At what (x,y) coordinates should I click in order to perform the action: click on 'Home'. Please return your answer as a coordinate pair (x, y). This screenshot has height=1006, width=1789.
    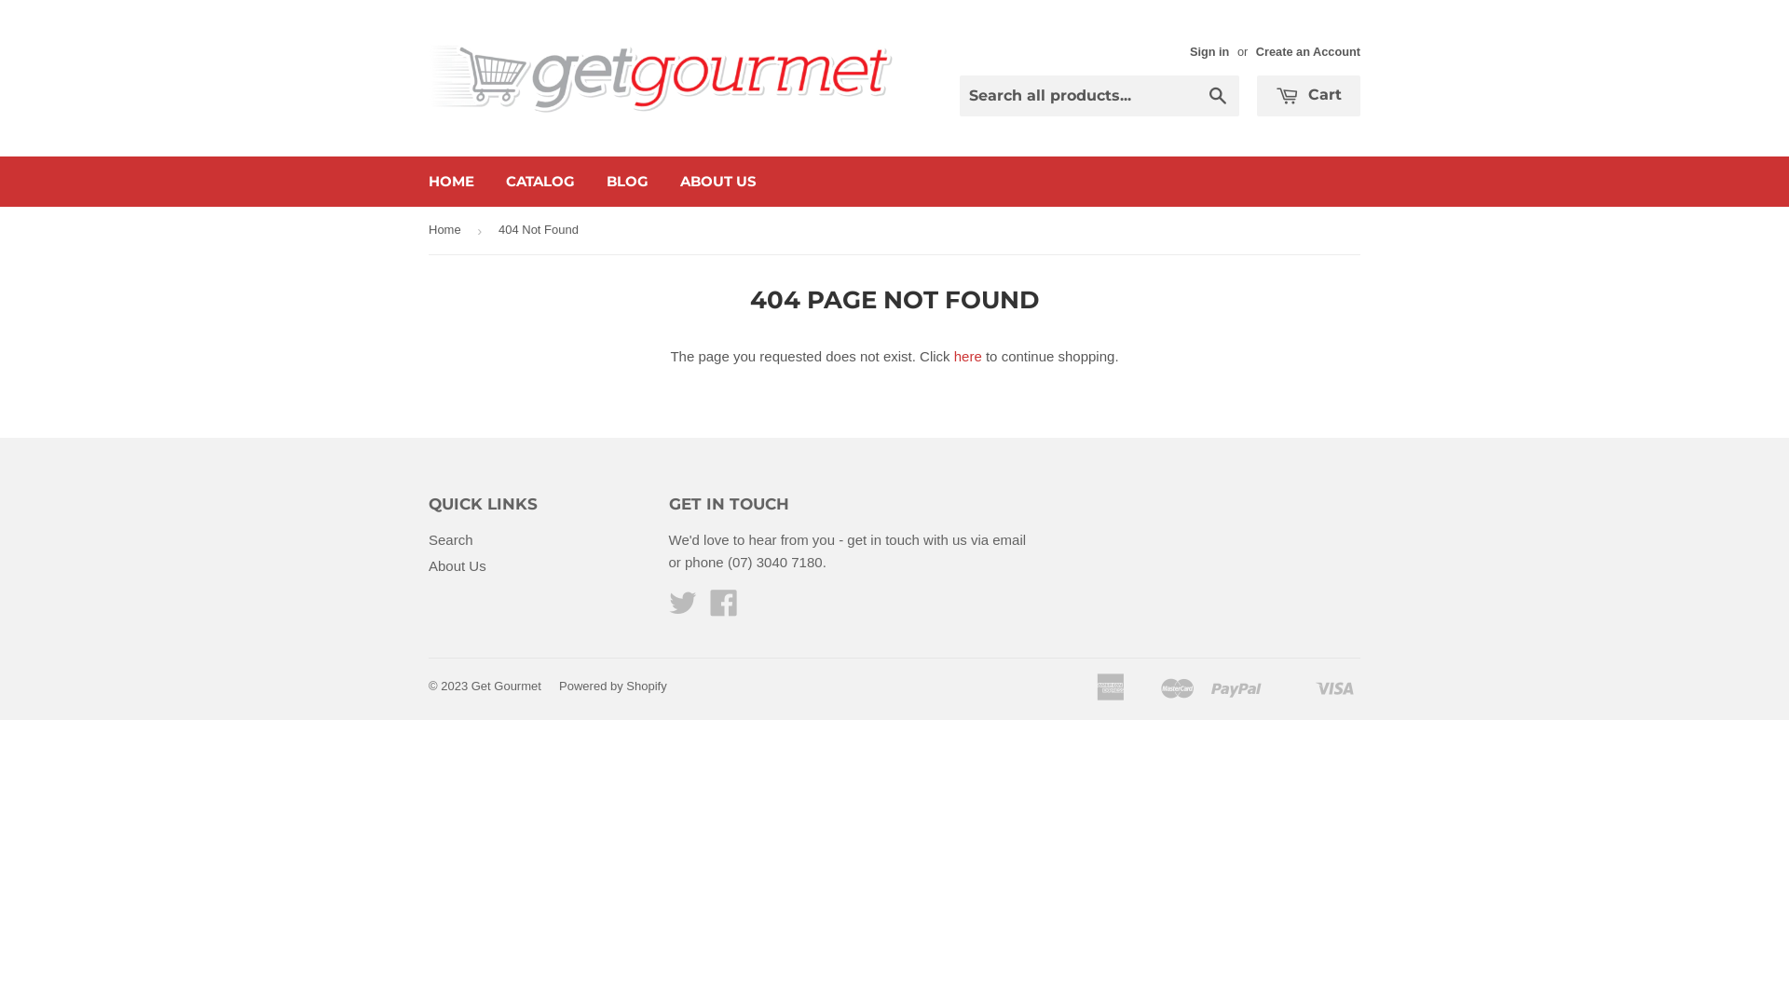
    Looking at the image, I should click on (447, 229).